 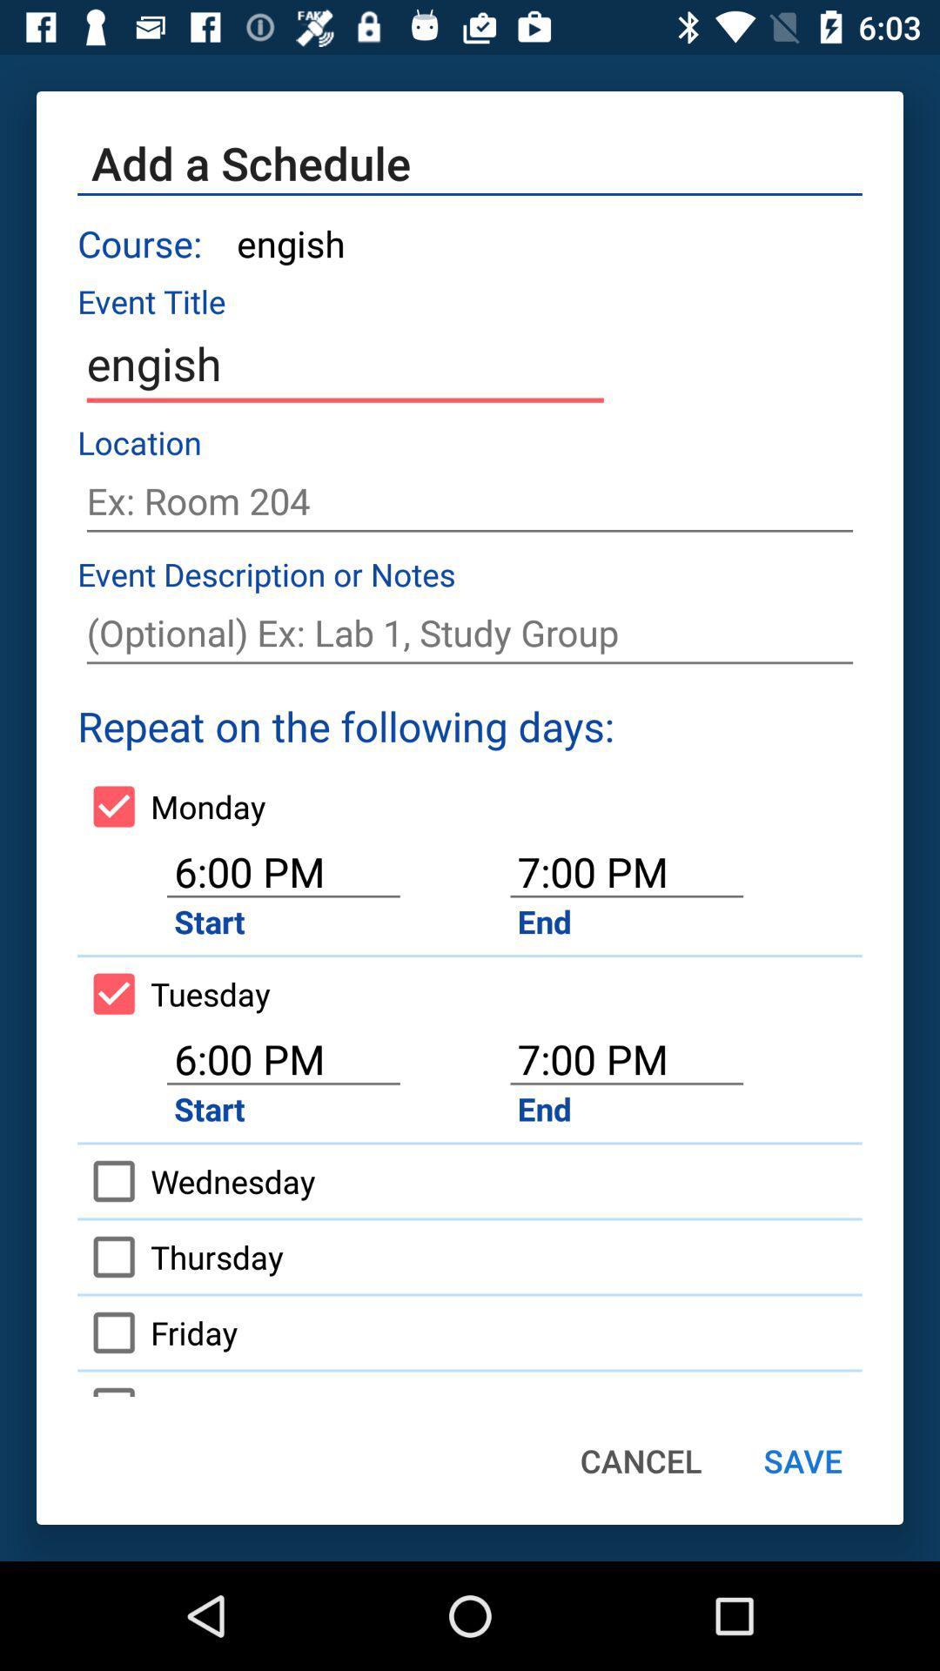 What do you see at coordinates (802, 1460) in the screenshot?
I see `the icon next to cancel icon` at bounding box center [802, 1460].